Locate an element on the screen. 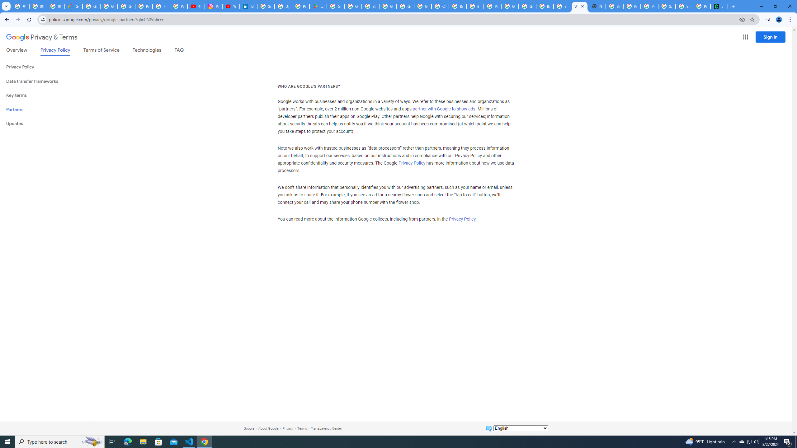  'Third-party cookies blocked' is located at coordinates (742, 19).